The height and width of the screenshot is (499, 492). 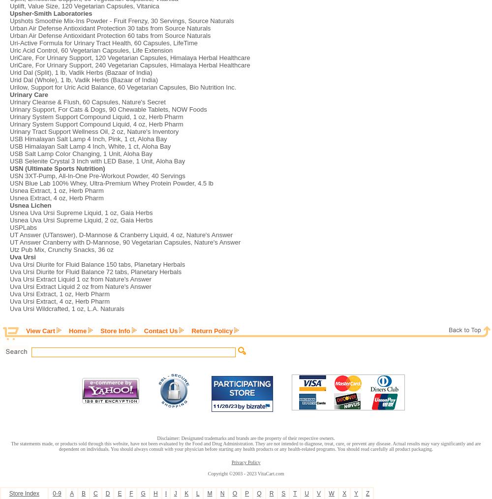 I want to click on 'Urban Air Defense Antioxidant Protection 60 tabs from Source Naturals', so click(x=110, y=35).